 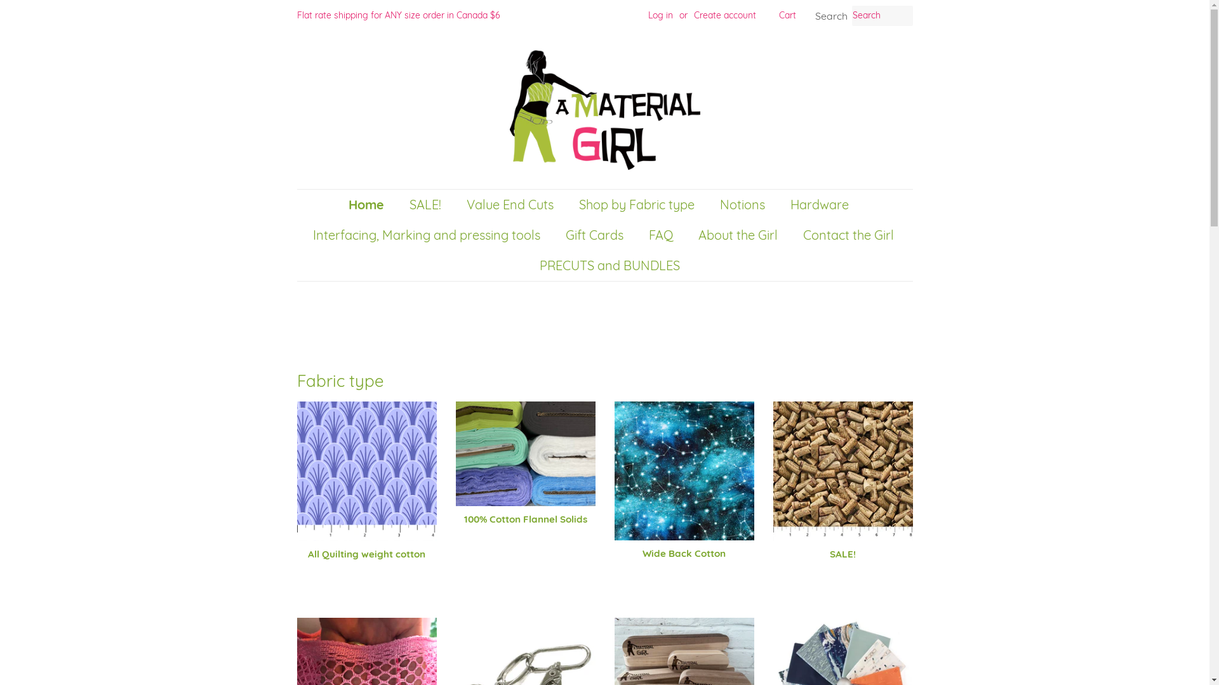 I want to click on 'Hardware', so click(x=780, y=204).